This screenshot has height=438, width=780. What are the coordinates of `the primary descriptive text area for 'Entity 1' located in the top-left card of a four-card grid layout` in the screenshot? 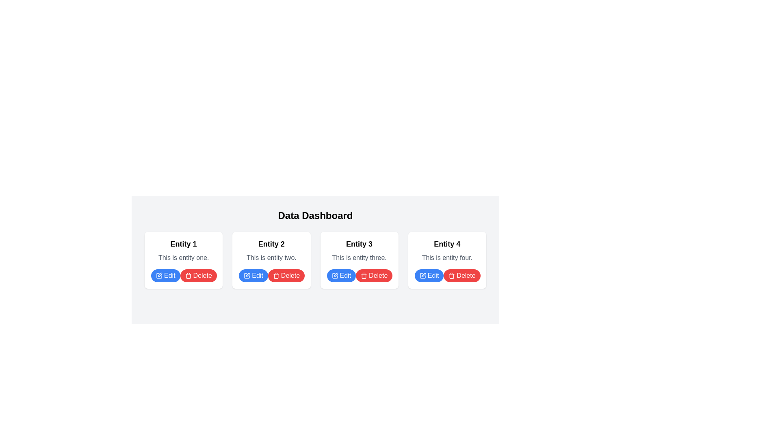 It's located at (183, 250).